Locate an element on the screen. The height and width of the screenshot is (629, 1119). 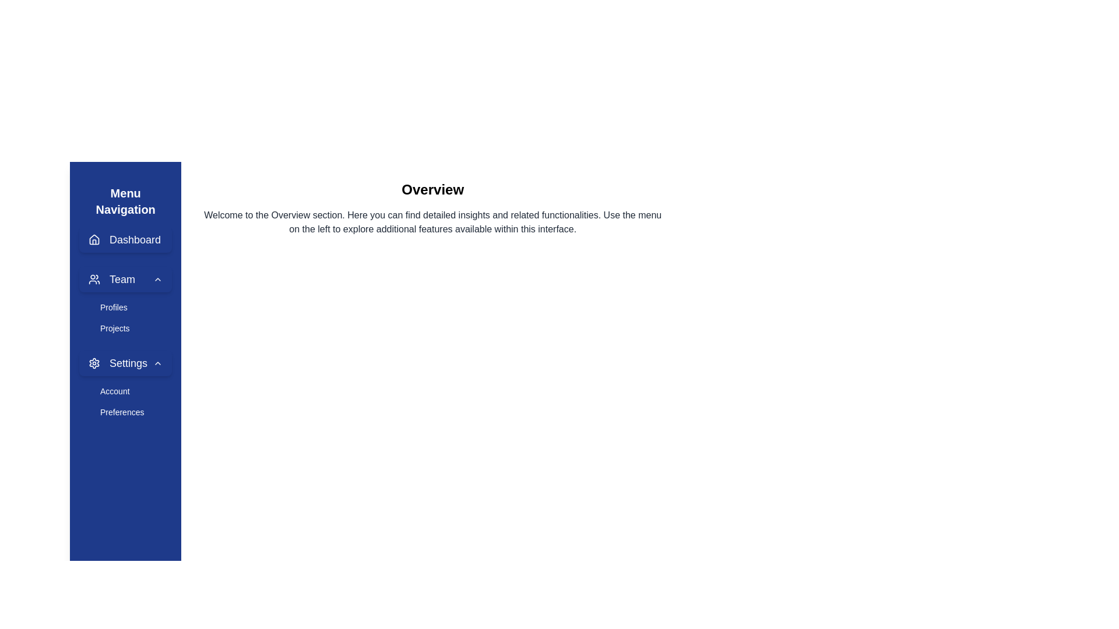
the 'Settings' icon located in the left-side navigation bar is located at coordinates (94, 363).